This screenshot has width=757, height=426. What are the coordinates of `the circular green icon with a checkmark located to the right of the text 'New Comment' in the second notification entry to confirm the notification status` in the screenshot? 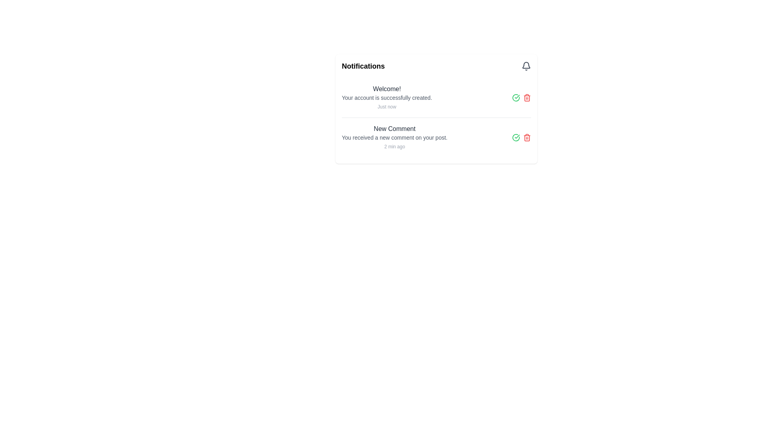 It's located at (516, 97).